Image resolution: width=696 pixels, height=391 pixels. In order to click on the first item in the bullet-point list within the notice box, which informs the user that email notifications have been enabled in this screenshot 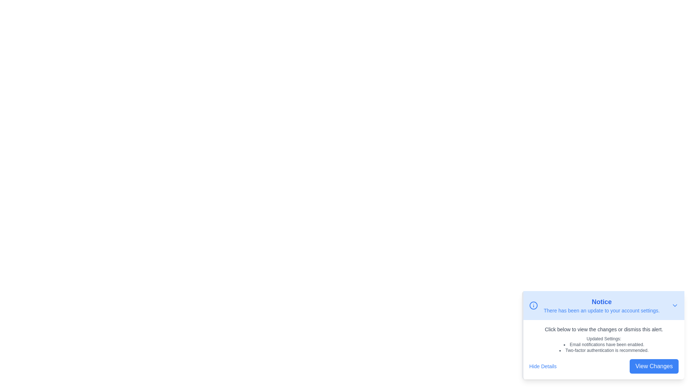, I will do `click(604, 344)`.